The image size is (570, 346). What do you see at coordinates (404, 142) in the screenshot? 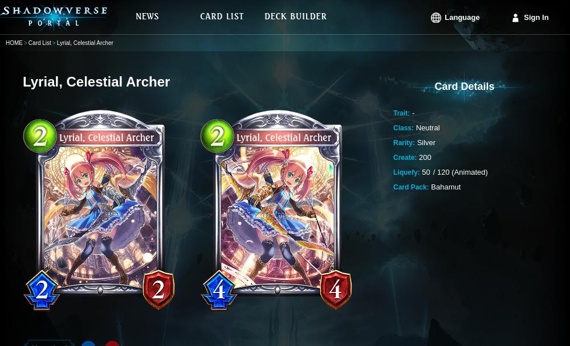
I see `'Rarity:'` at bounding box center [404, 142].